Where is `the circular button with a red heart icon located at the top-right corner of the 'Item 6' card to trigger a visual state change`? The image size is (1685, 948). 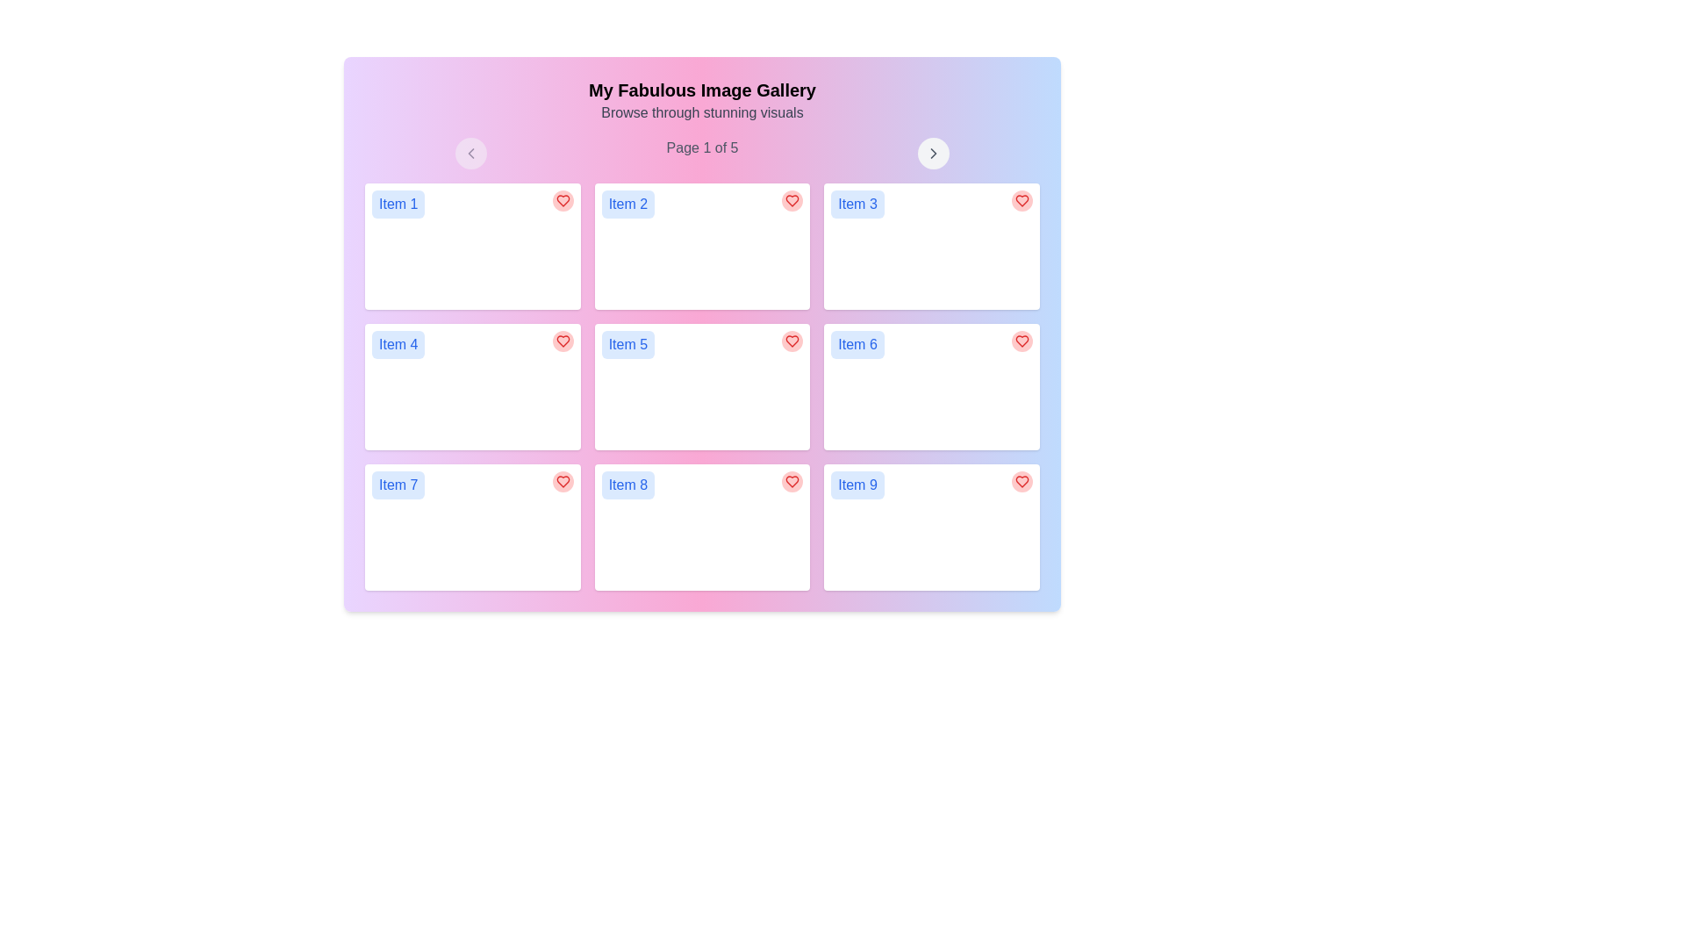
the circular button with a red heart icon located at the top-right corner of the 'Item 6' card to trigger a visual state change is located at coordinates (1022, 341).